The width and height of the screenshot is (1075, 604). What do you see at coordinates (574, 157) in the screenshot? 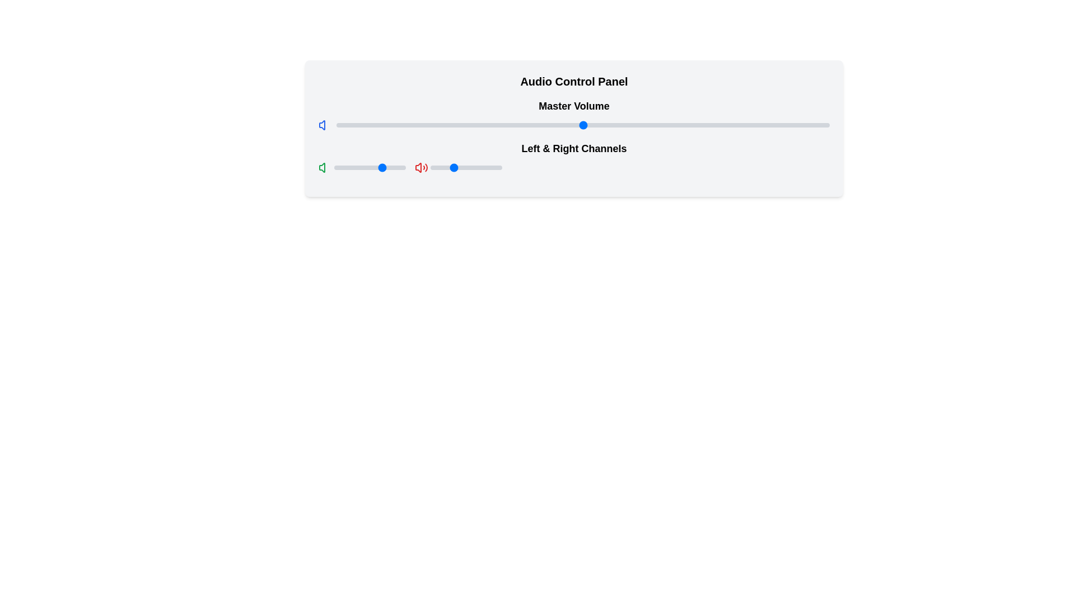
I see `the second heading in the 'Audio Control Panel' section, which serves as a label for the audio balance controls below the 'Master Volume' heading` at bounding box center [574, 157].